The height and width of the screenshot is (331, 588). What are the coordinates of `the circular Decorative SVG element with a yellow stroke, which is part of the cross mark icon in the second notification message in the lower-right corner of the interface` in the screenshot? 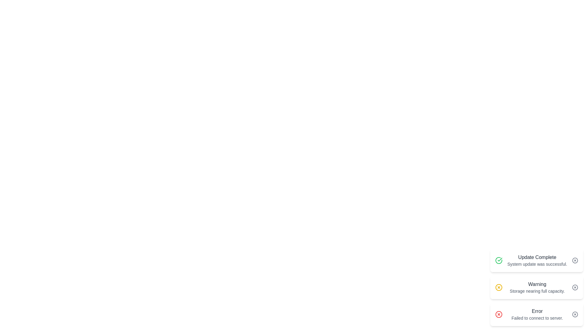 It's located at (499, 287).